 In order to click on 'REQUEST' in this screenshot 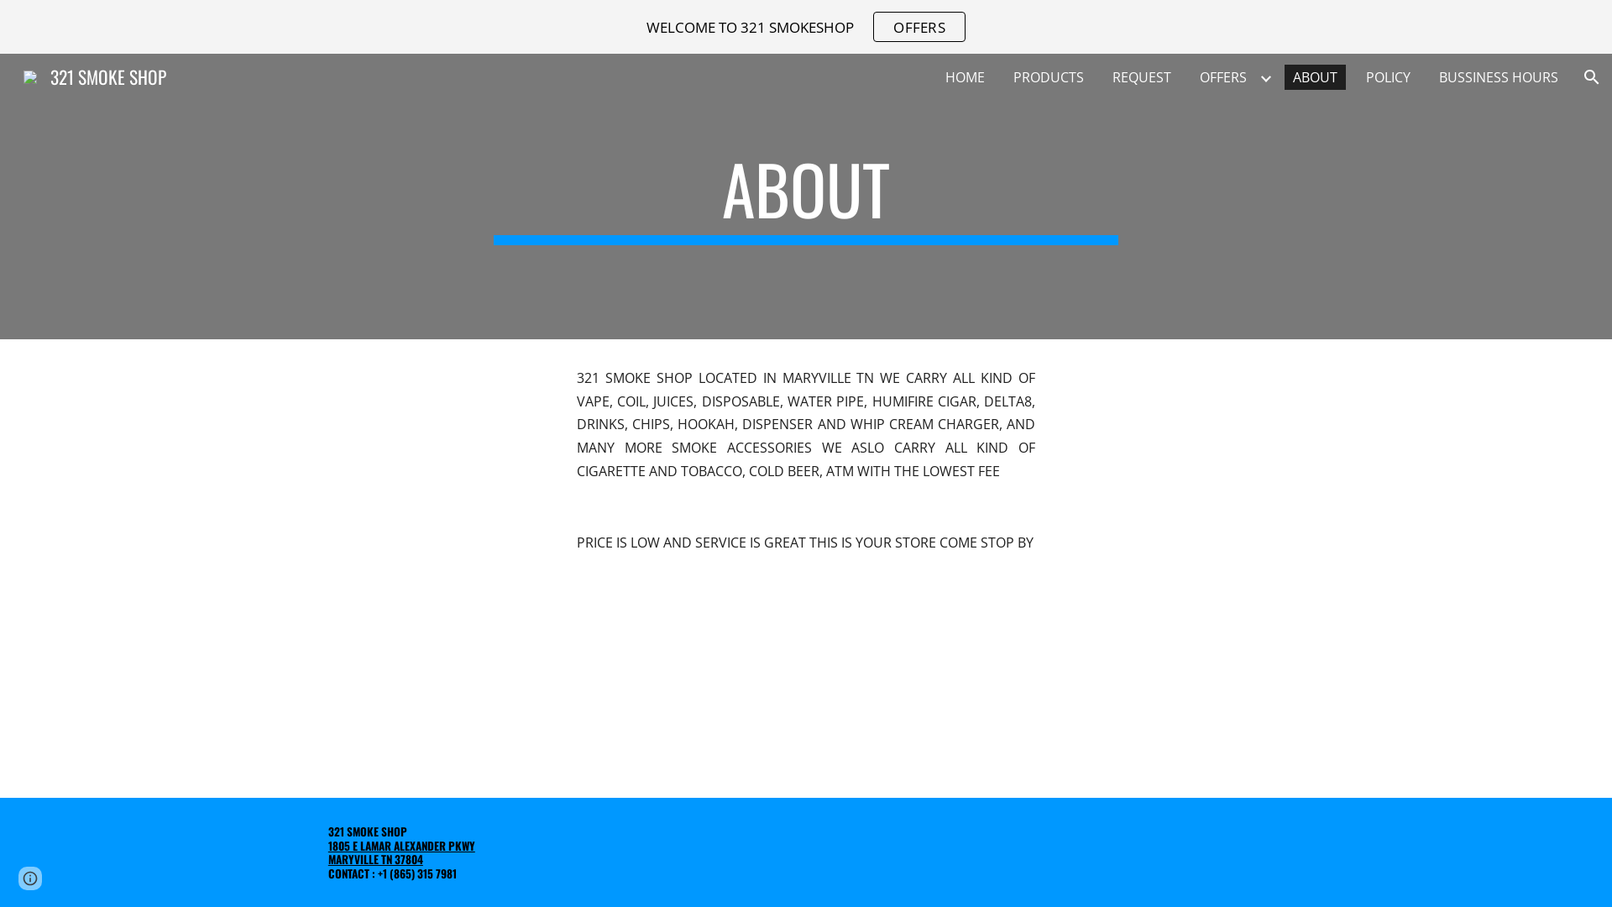, I will do `click(1104, 77)`.